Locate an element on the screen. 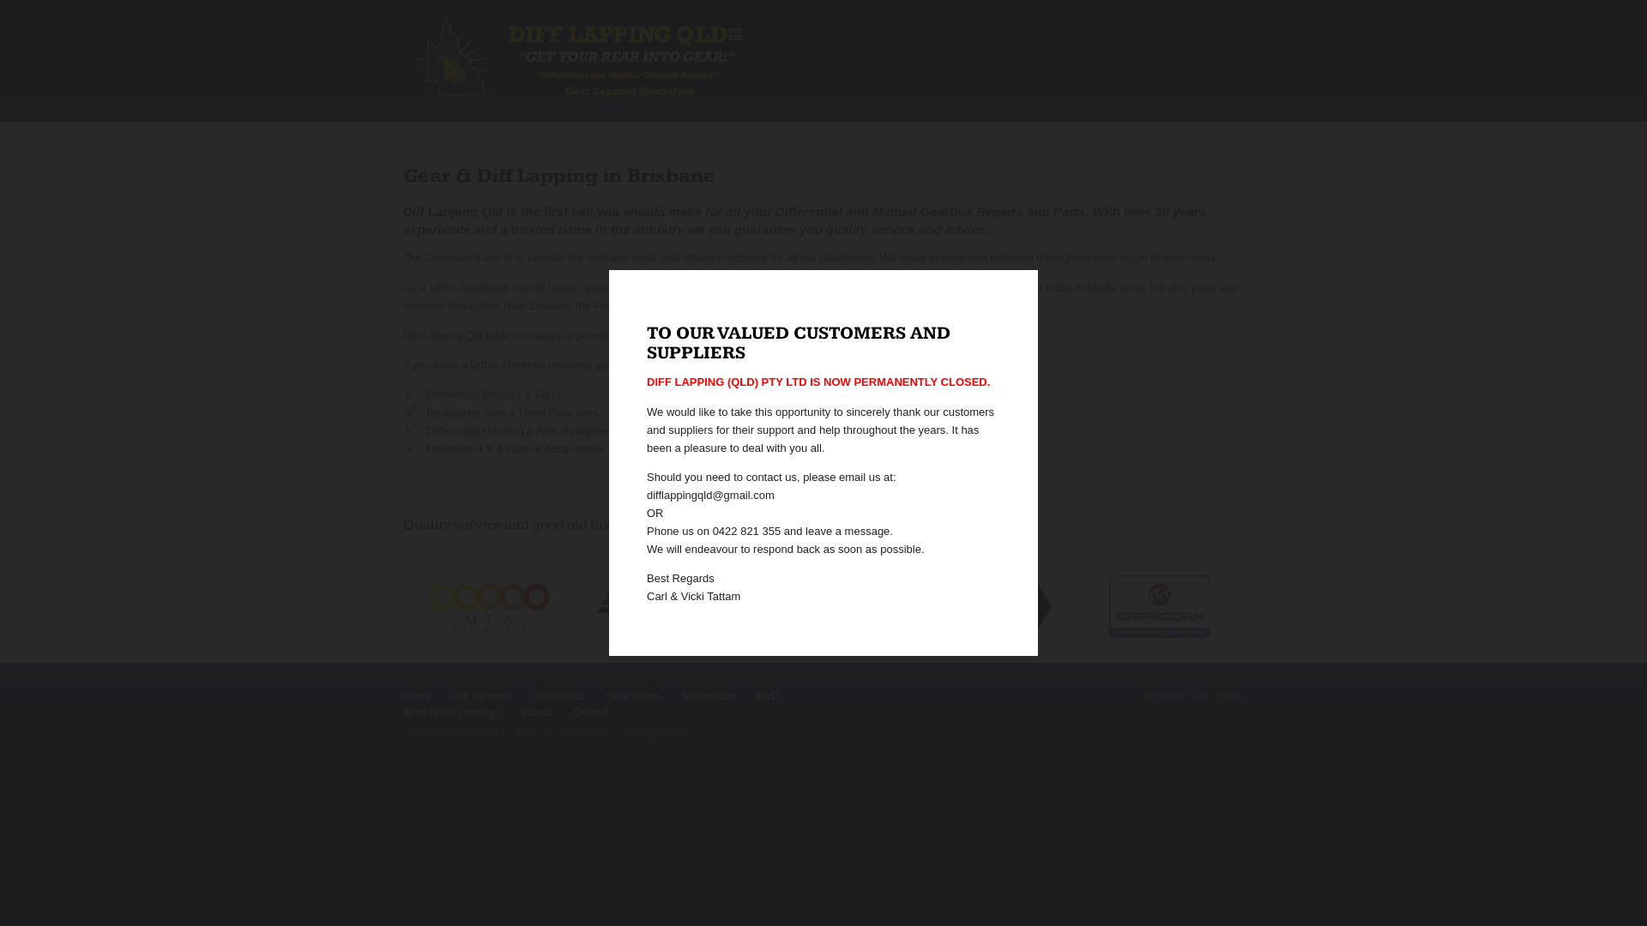 The image size is (1647, 926). 'Home' is located at coordinates (416, 696).